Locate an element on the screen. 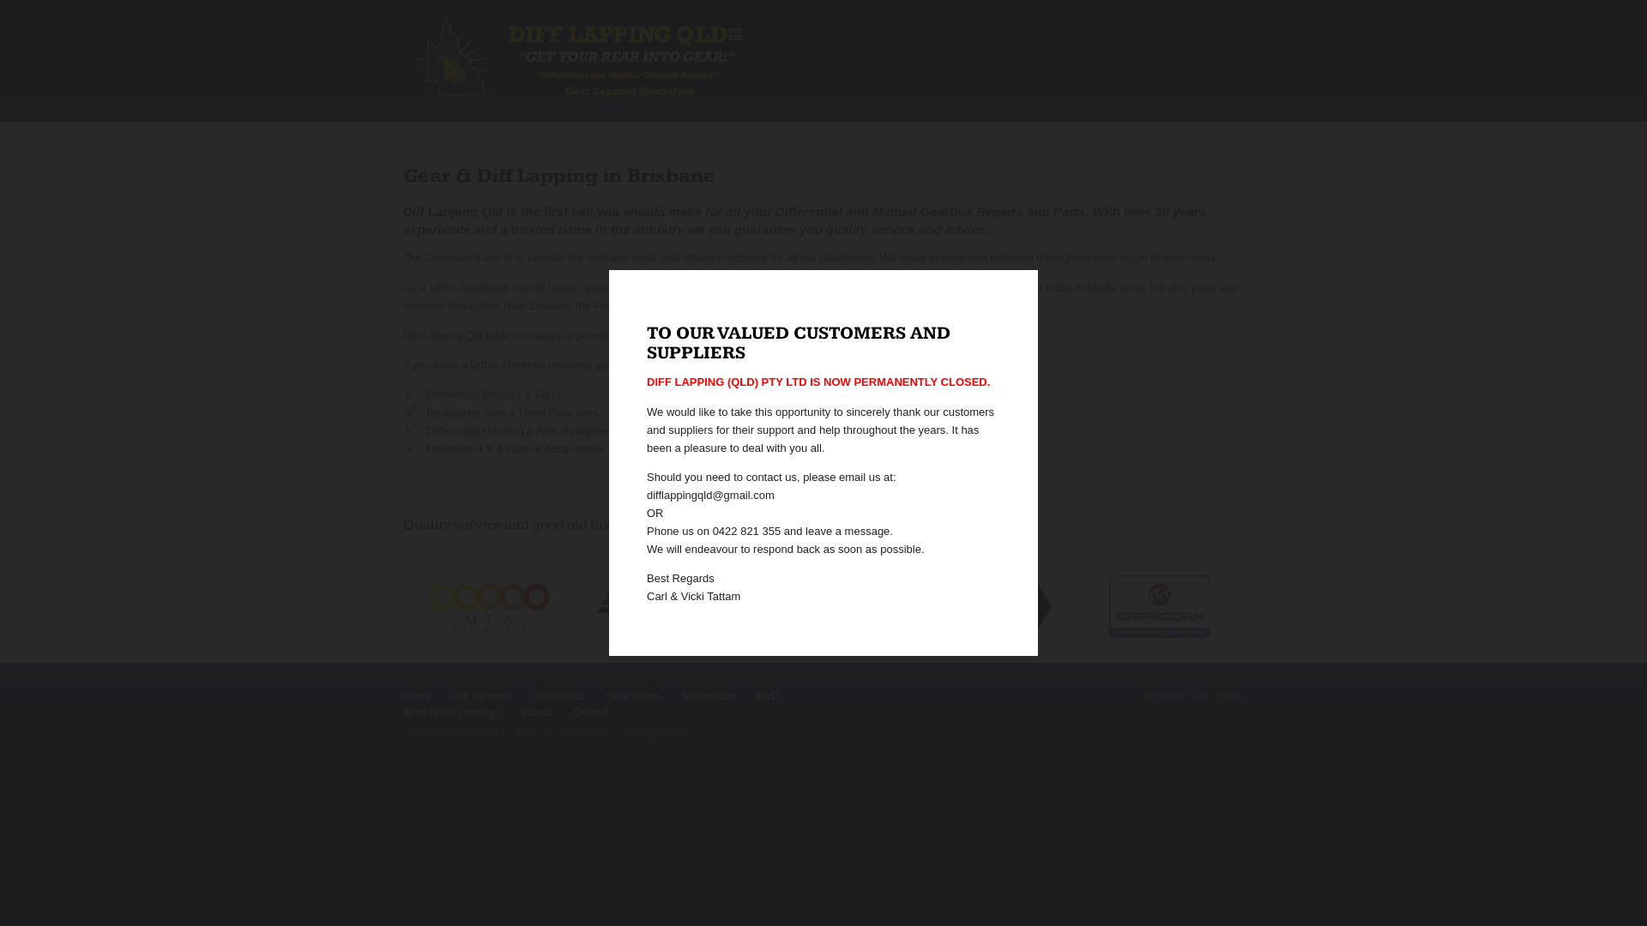 The image size is (1647, 926). 'Home' is located at coordinates (416, 696).